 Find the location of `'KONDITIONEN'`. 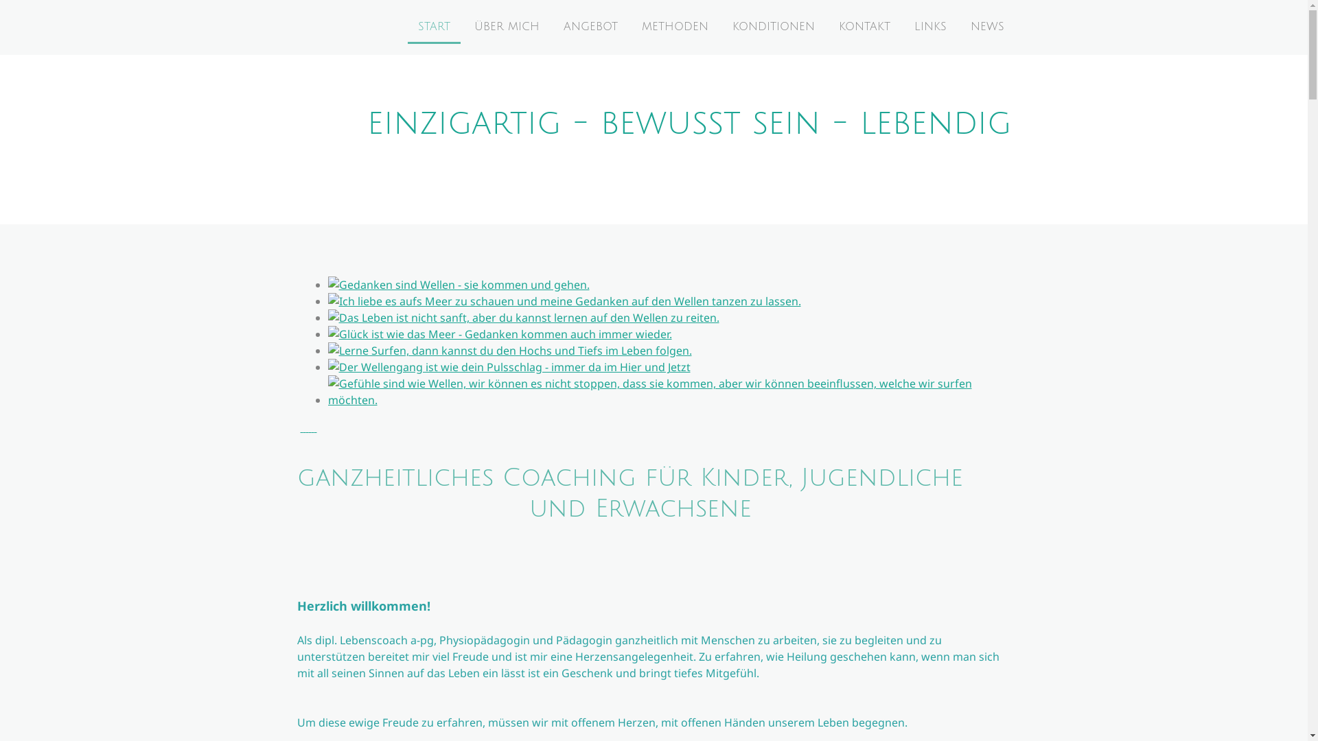

'KONDITIONEN' is located at coordinates (721, 27).